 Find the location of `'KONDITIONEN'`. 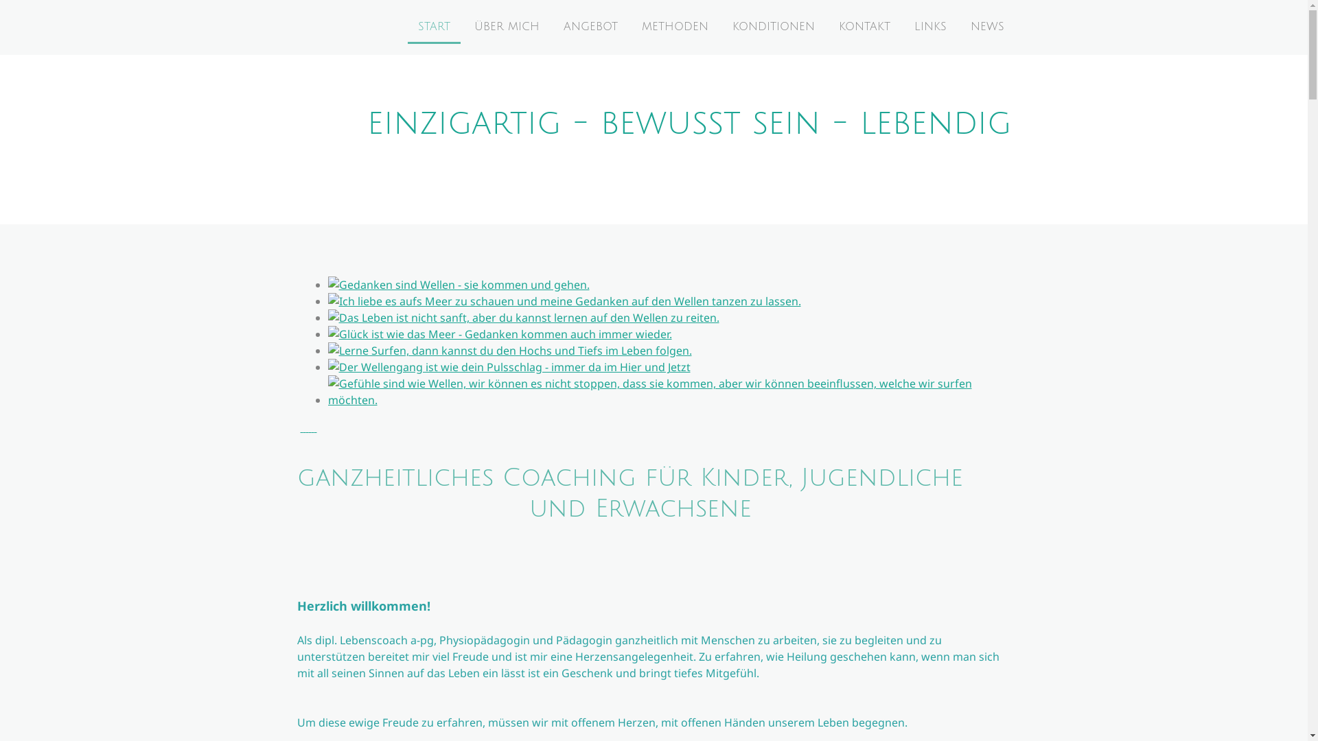

'KONDITIONEN' is located at coordinates (721, 27).